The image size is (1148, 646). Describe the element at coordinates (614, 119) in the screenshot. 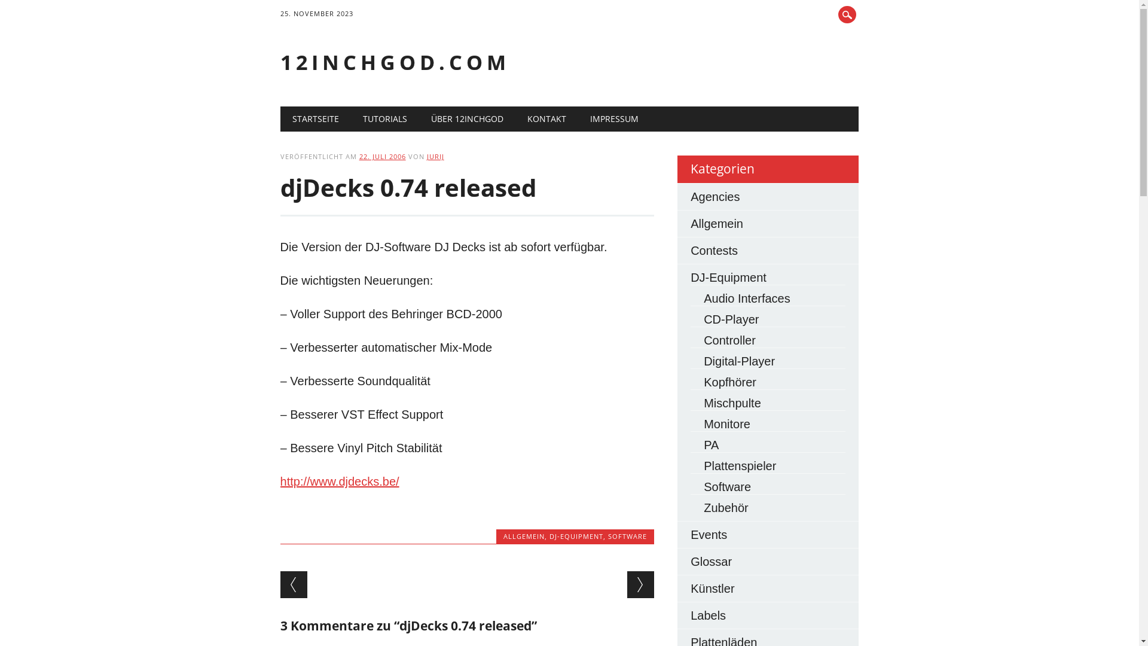

I see `'IMPRESSUM'` at that location.